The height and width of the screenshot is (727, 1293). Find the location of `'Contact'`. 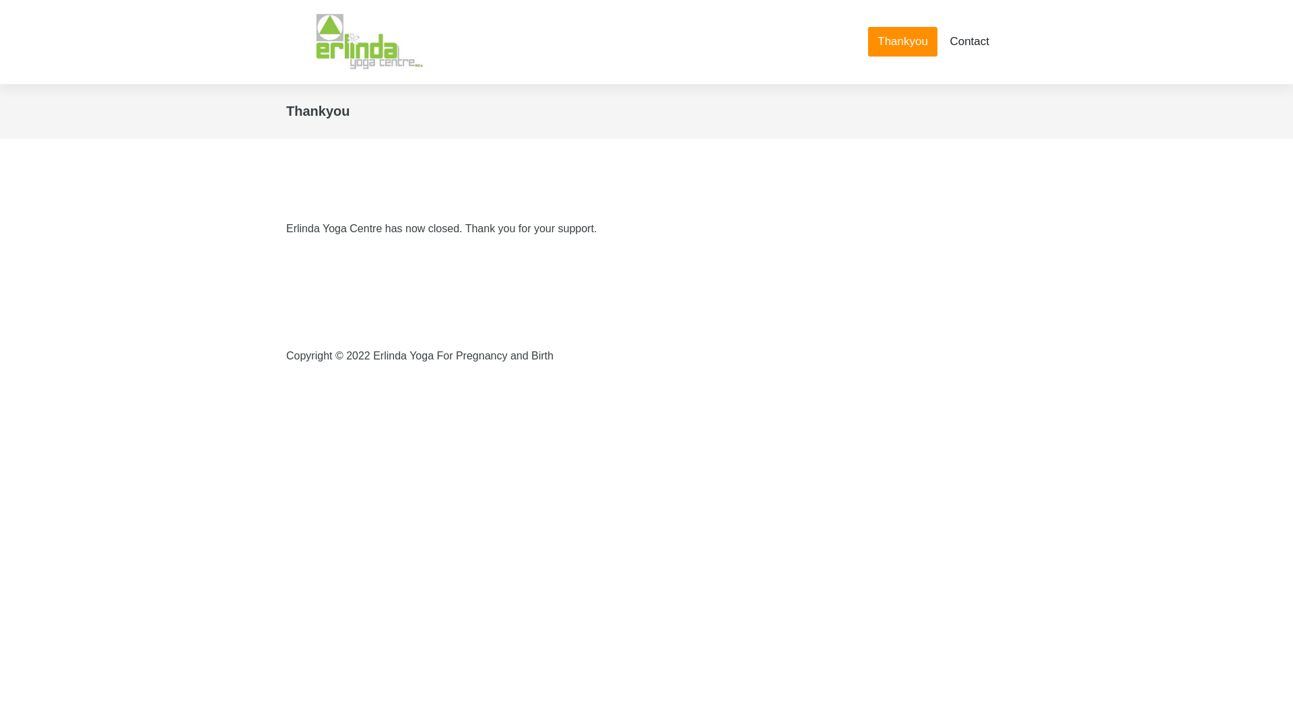

'Contact' is located at coordinates (968, 40).